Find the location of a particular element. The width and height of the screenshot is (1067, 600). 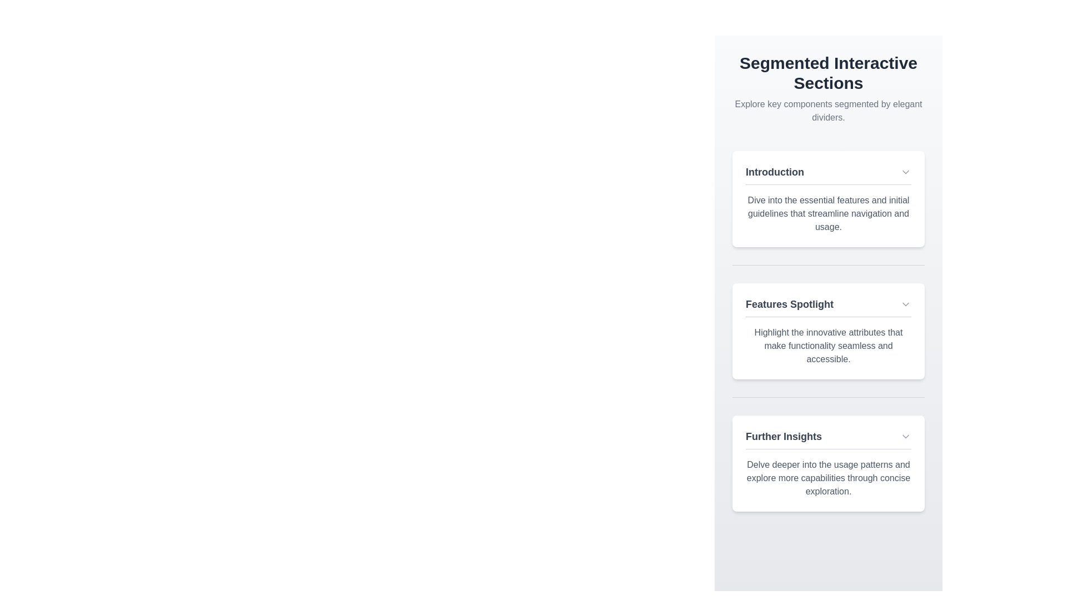

the toggle button icon located at the far-right edge of the 'Introduction' section is located at coordinates (906, 172).